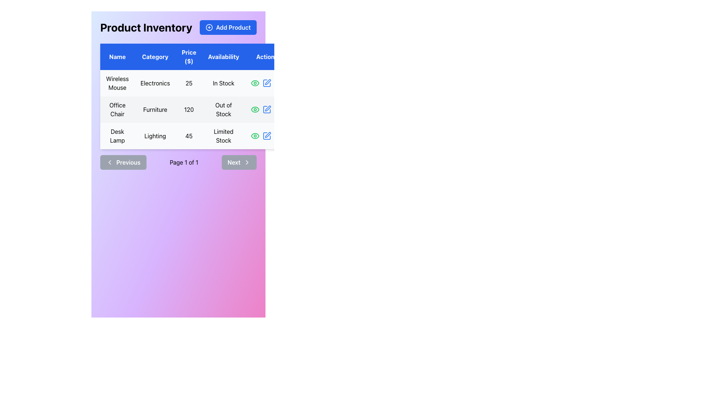 The width and height of the screenshot is (705, 396). I want to click on the blue pen icon in the 'Actions' column of the last row of the product table, so click(267, 136).